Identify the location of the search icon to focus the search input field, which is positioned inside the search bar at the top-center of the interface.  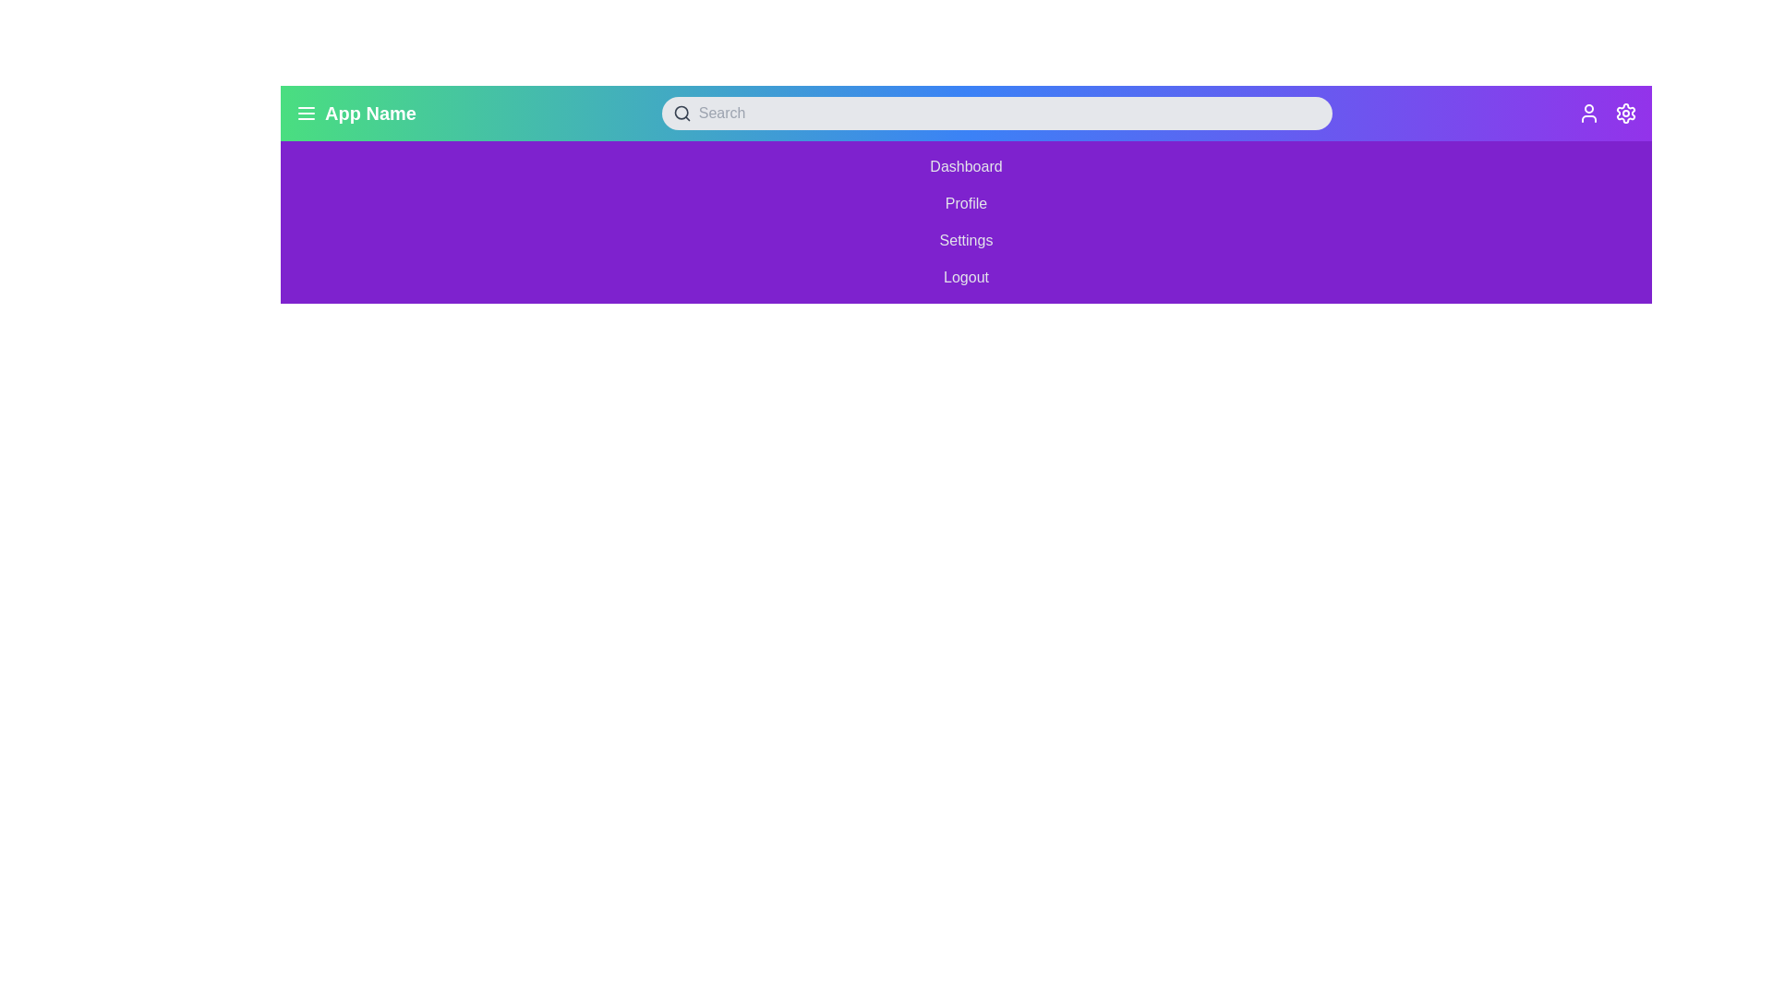
(681, 114).